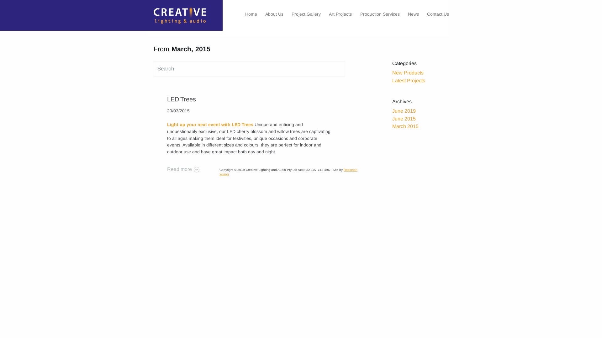 Image resolution: width=602 pixels, height=338 pixels. What do you see at coordinates (340, 14) in the screenshot?
I see `'Art Projects'` at bounding box center [340, 14].